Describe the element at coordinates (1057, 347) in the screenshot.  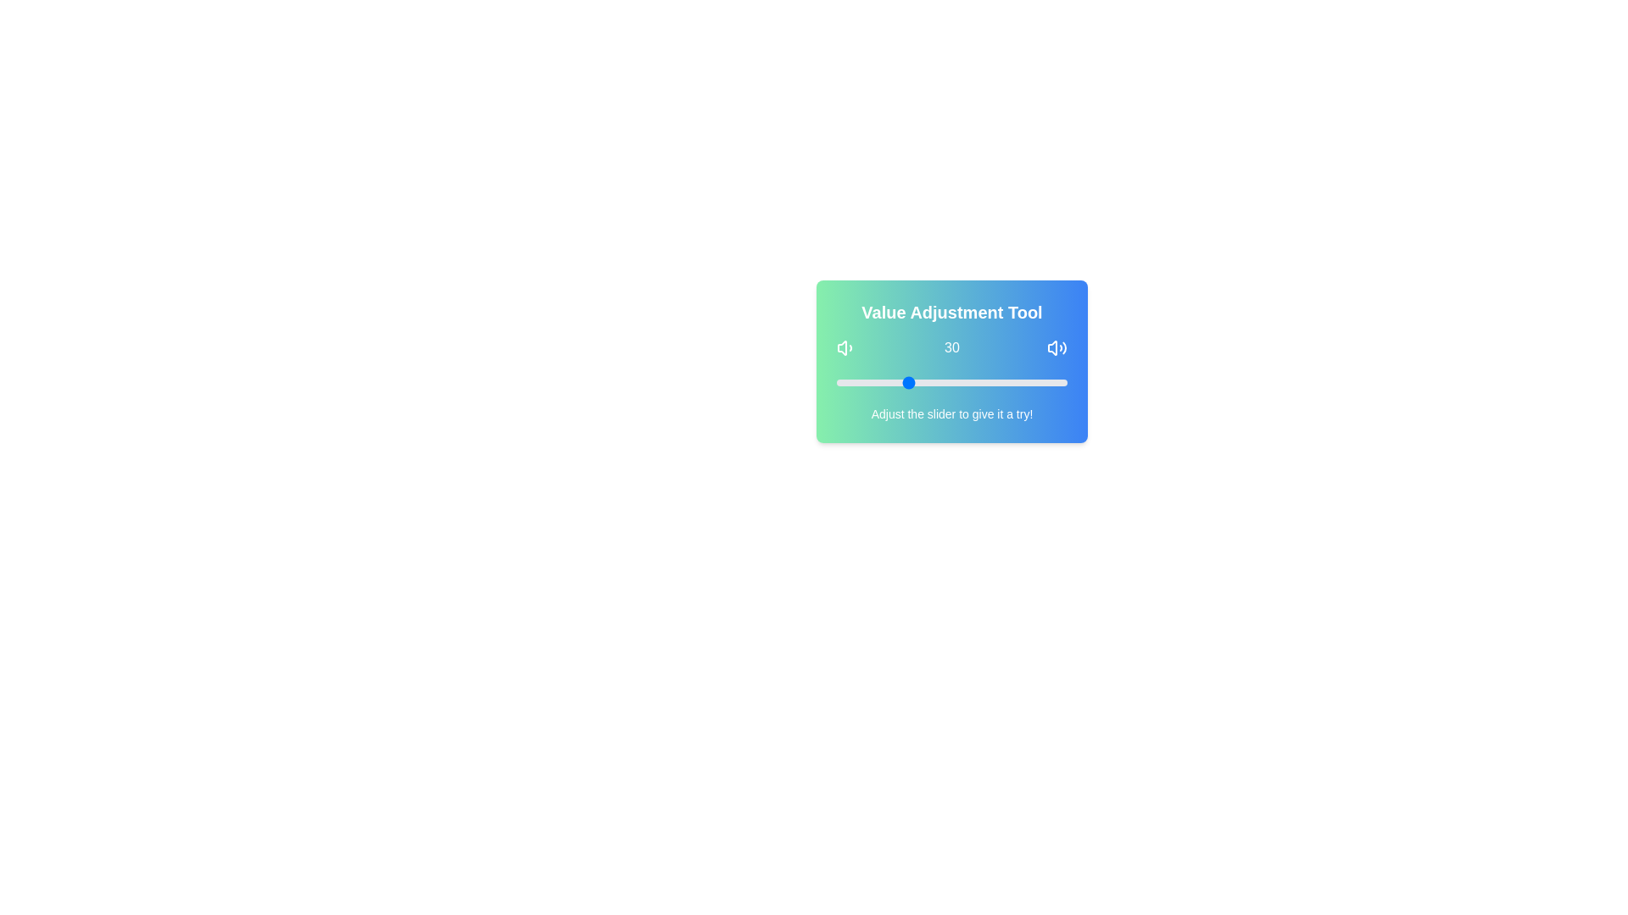
I see `the volume indicator button represented by a small speaker icon with three radiating arcs, located in the top right corner of the 'Value Adjustment Tool' card, to adjust the volume` at that location.